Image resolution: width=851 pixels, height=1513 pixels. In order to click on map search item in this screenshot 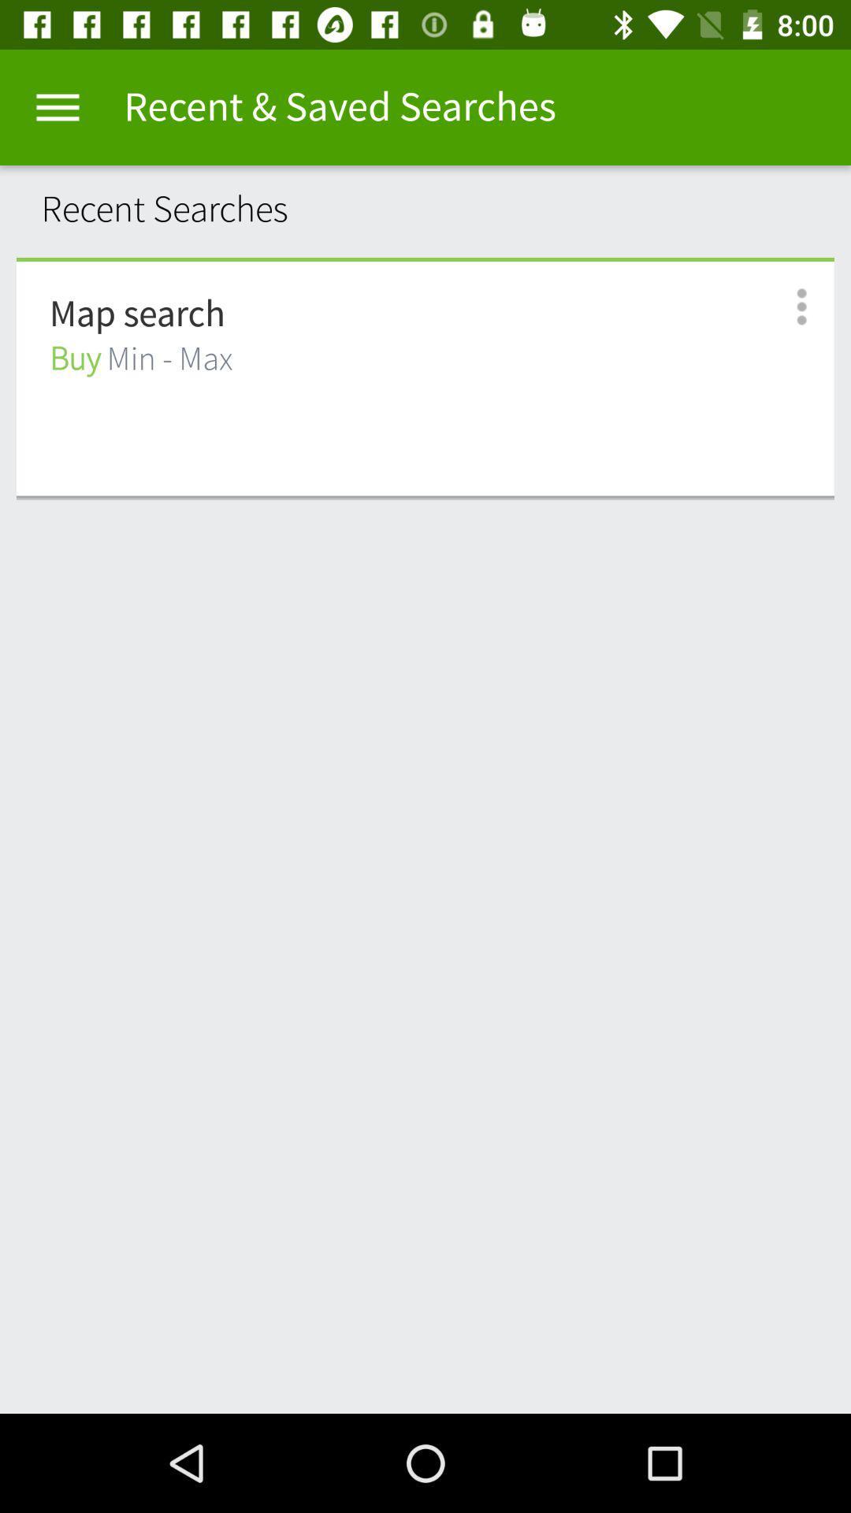, I will do `click(136, 314)`.